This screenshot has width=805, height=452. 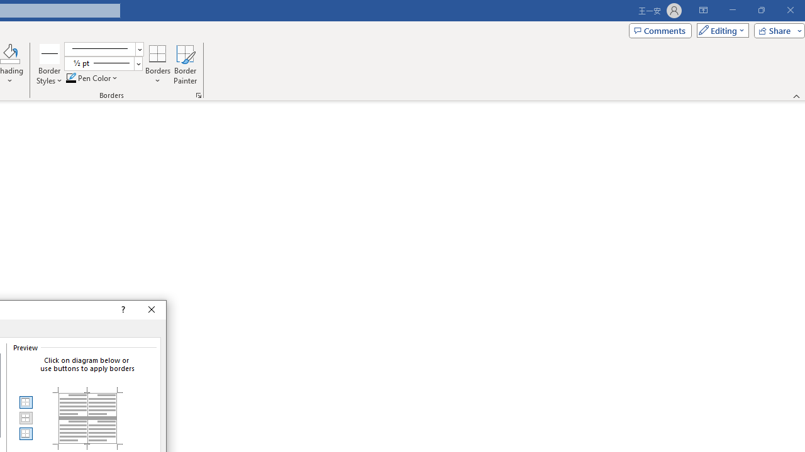 I want to click on 'Inside Horizontal Border', so click(x=25, y=418).